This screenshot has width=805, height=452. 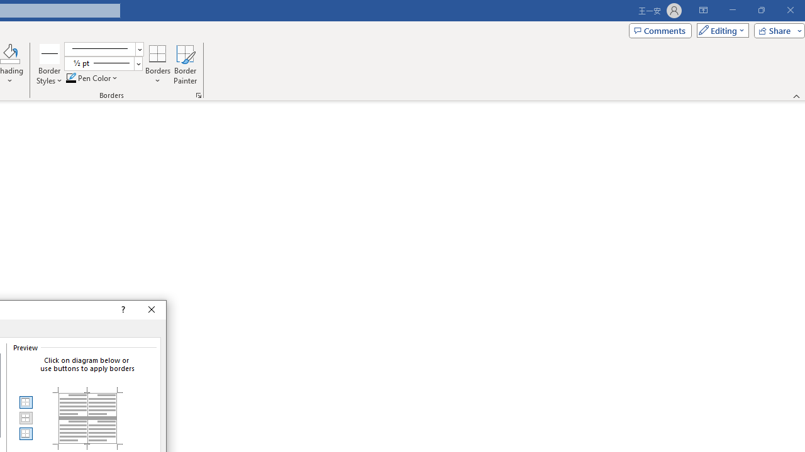 I want to click on 'Inside Horizontal Border', so click(x=25, y=418).